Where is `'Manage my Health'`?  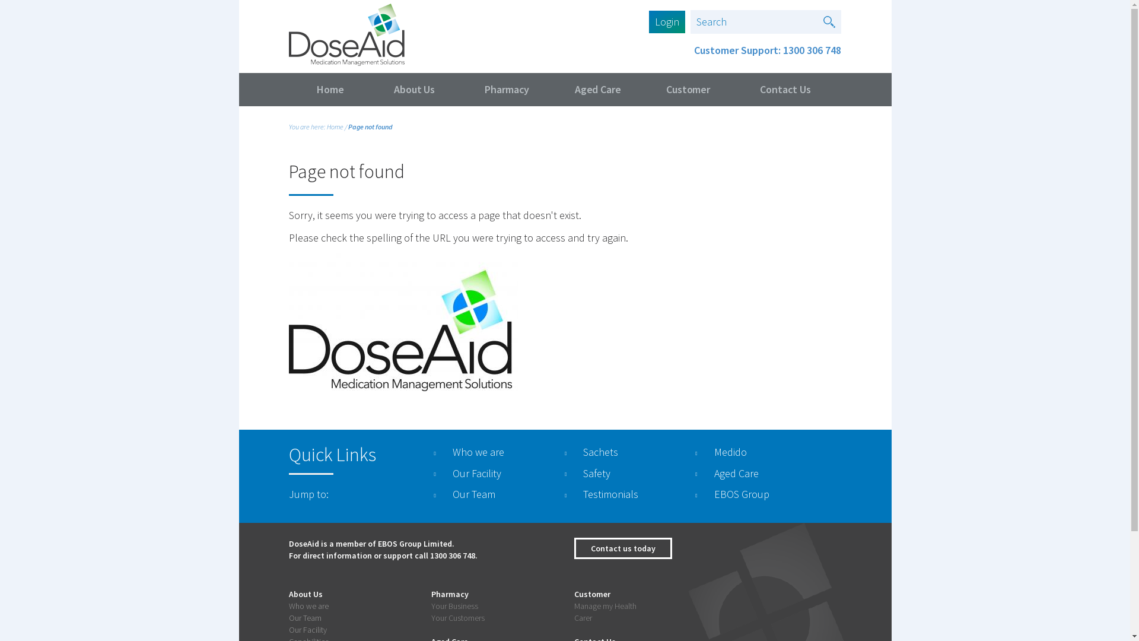 'Manage my Health' is located at coordinates (605, 606).